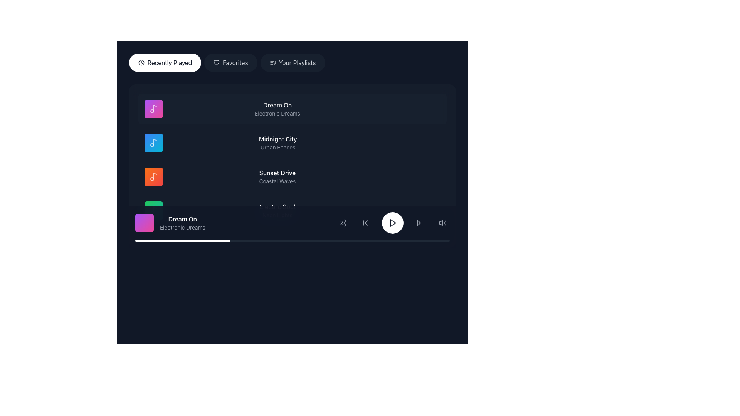 This screenshot has height=416, width=740. What do you see at coordinates (153, 177) in the screenshot?
I see `the small music note icon with a gradient background transitioning from orange to red` at bounding box center [153, 177].